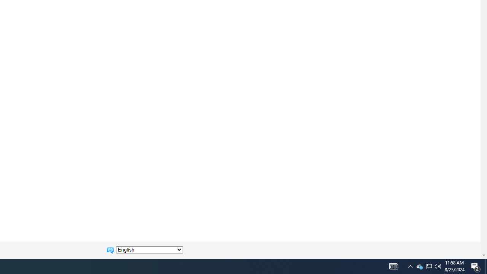 The image size is (487, 274). Describe the element at coordinates (149, 250) in the screenshot. I see `'Change language:'` at that location.